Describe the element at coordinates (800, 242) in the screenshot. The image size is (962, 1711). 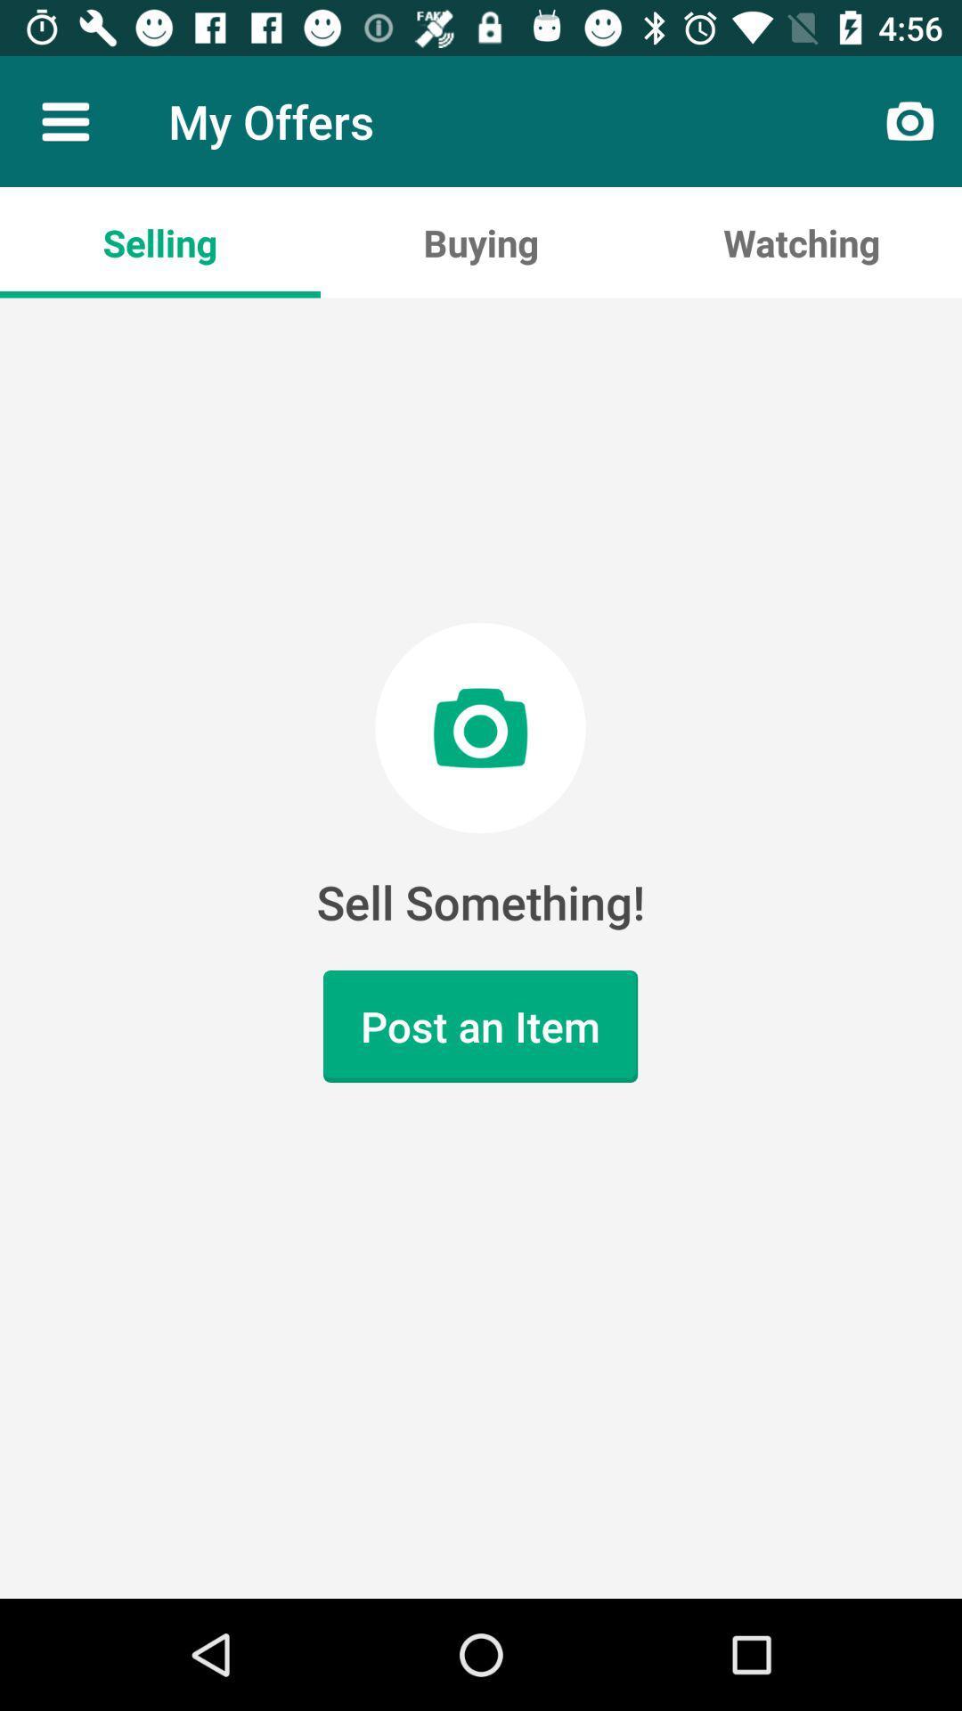
I see `icon above the sell something! icon` at that location.